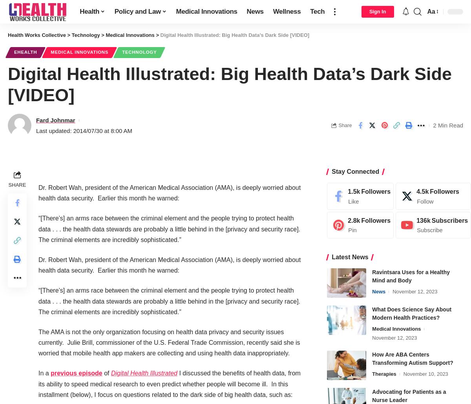  I want to click on 'In a', so click(44, 373).